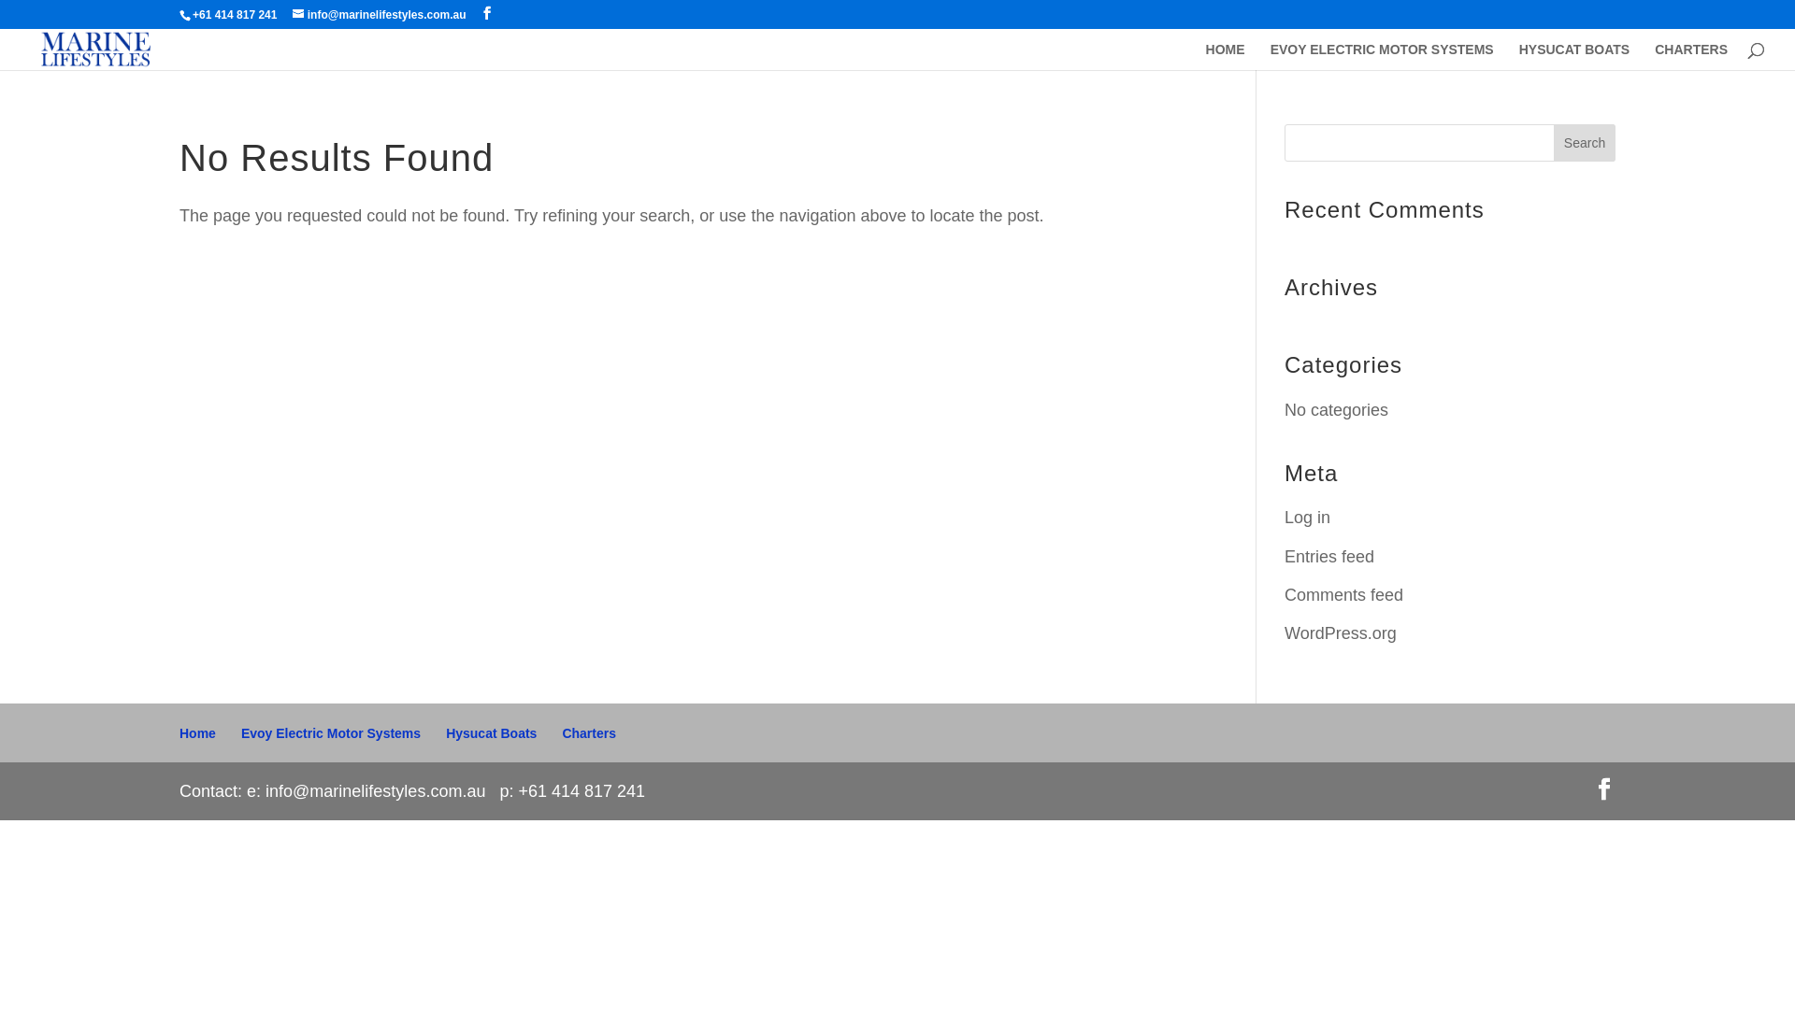 The image size is (1795, 1009). Describe the element at coordinates (331, 732) in the screenshot. I see `'Evoy Electric Motor Systems'` at that location.